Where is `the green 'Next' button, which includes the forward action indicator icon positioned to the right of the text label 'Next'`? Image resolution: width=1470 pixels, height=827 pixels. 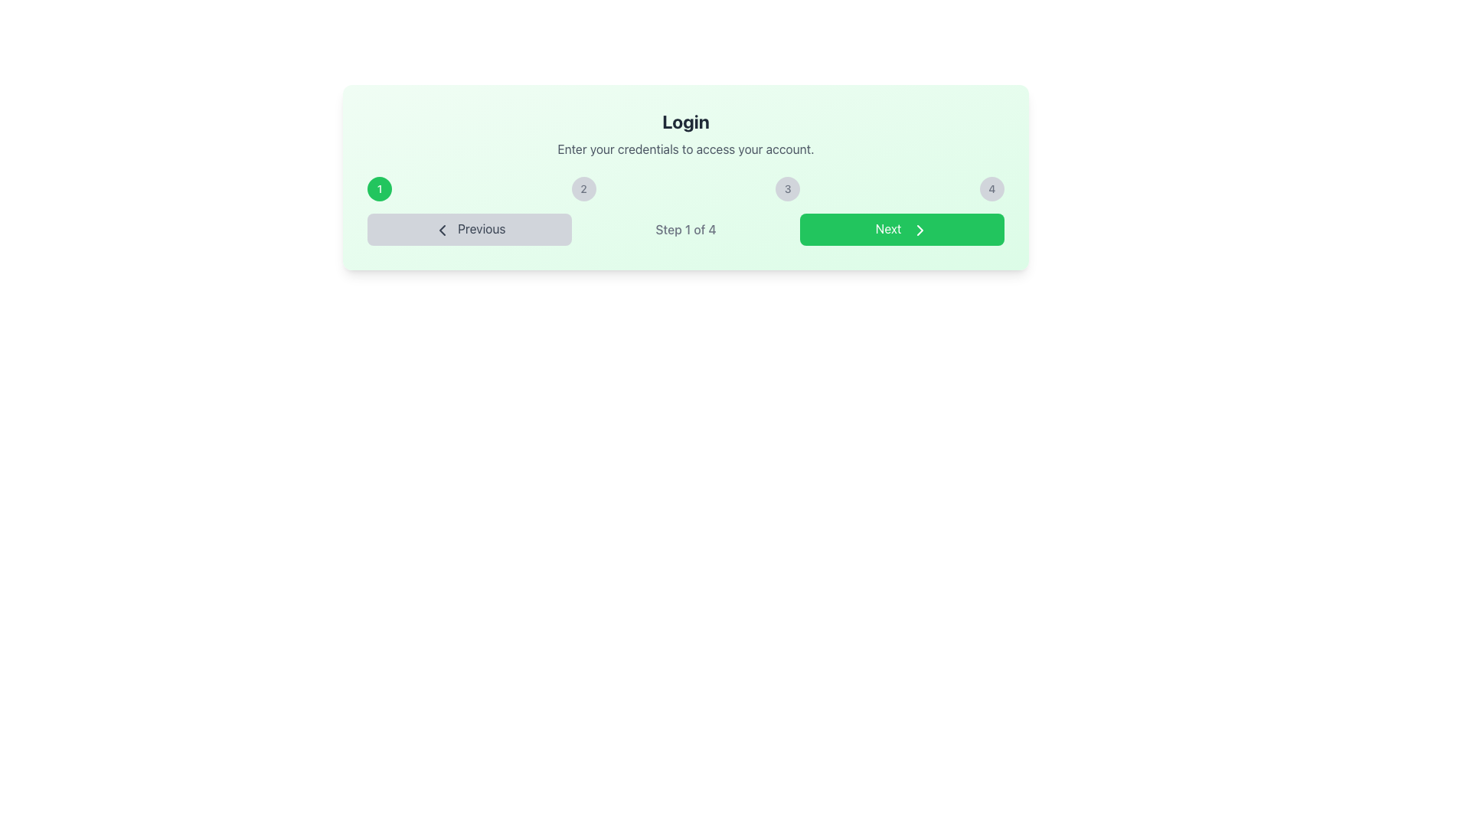
the green 'Next' button, which includes the forward action indicator icon positioned to the right of the text label 'Next' is located at coordinates (919, 230).